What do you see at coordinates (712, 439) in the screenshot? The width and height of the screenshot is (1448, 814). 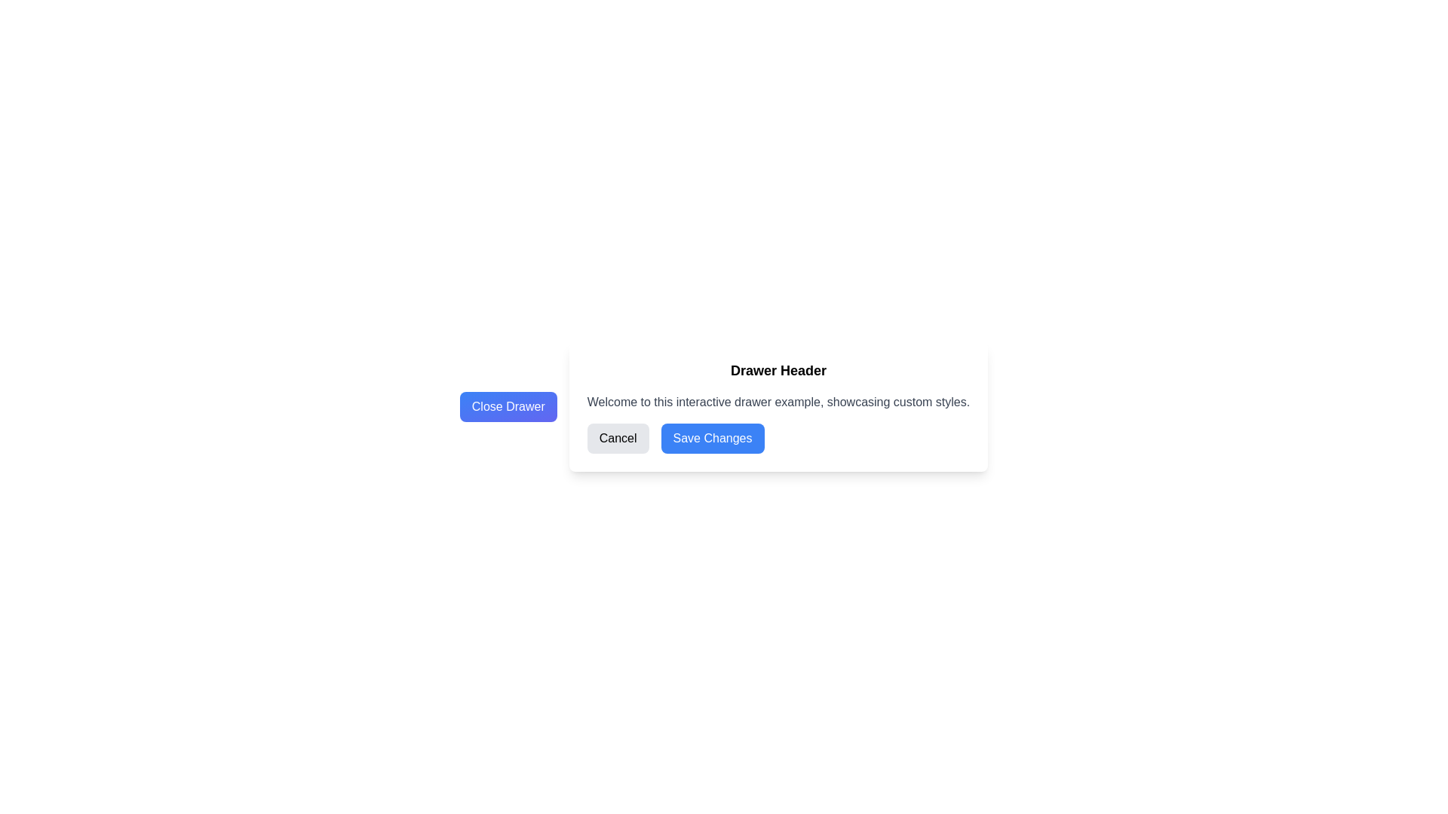 I see `the 'Save' button located at the bottom right of the card` at bounding box center [712, 439].